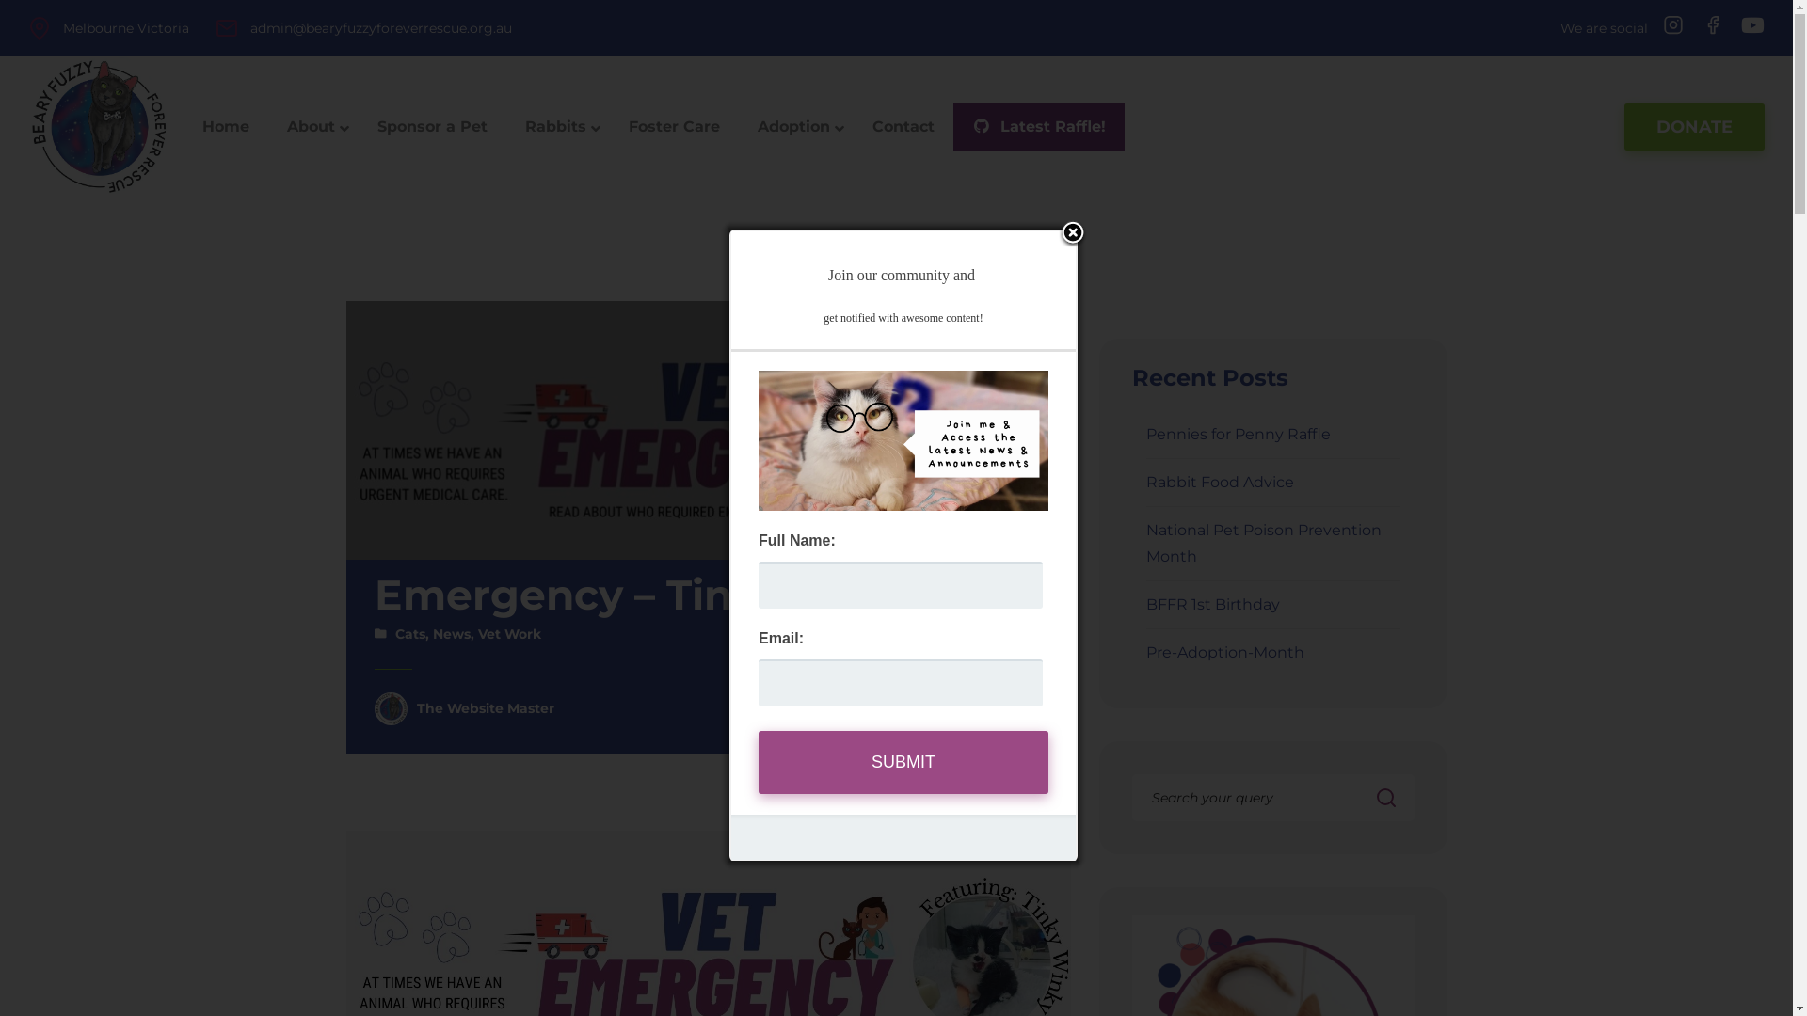 This screenshot has width=1807, height=1016. I want to click on 'admin@bearyfuzzyforeverrescue.org.au', so click(248, 28).